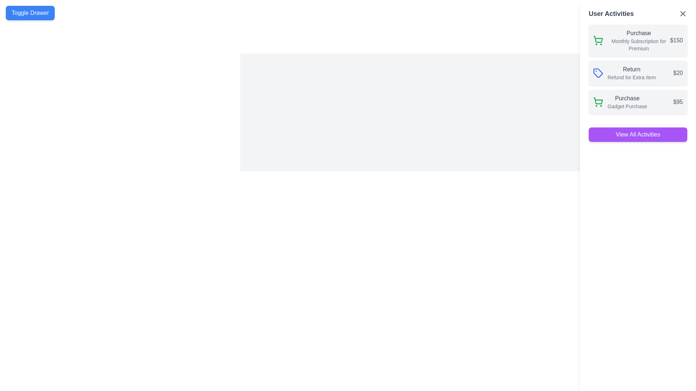 The width and height of the screenshot is (696, 391). I want to click on the Informational Card that describes the refund action for an extra item valued at $20, which is the second panel in the 'User Activities' section, so click(638, 73).